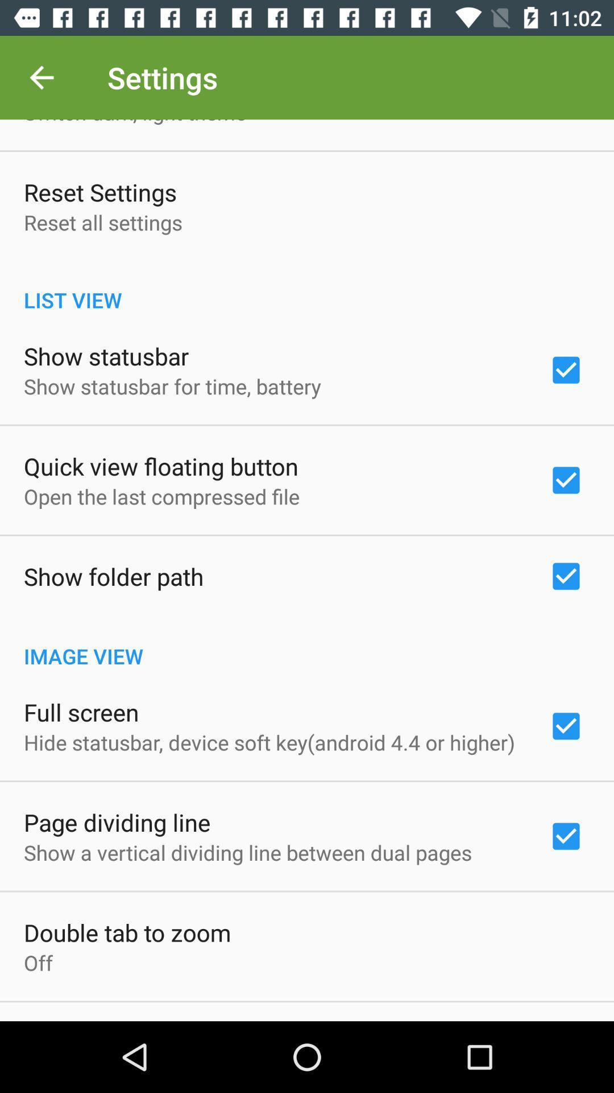 Image resolution: width=614 pixels, height=1093 pixels. What do you see at coordinates (307, 644) in the screenshot?
I see `icon above the full screen item` at bounding box center [307, 644].